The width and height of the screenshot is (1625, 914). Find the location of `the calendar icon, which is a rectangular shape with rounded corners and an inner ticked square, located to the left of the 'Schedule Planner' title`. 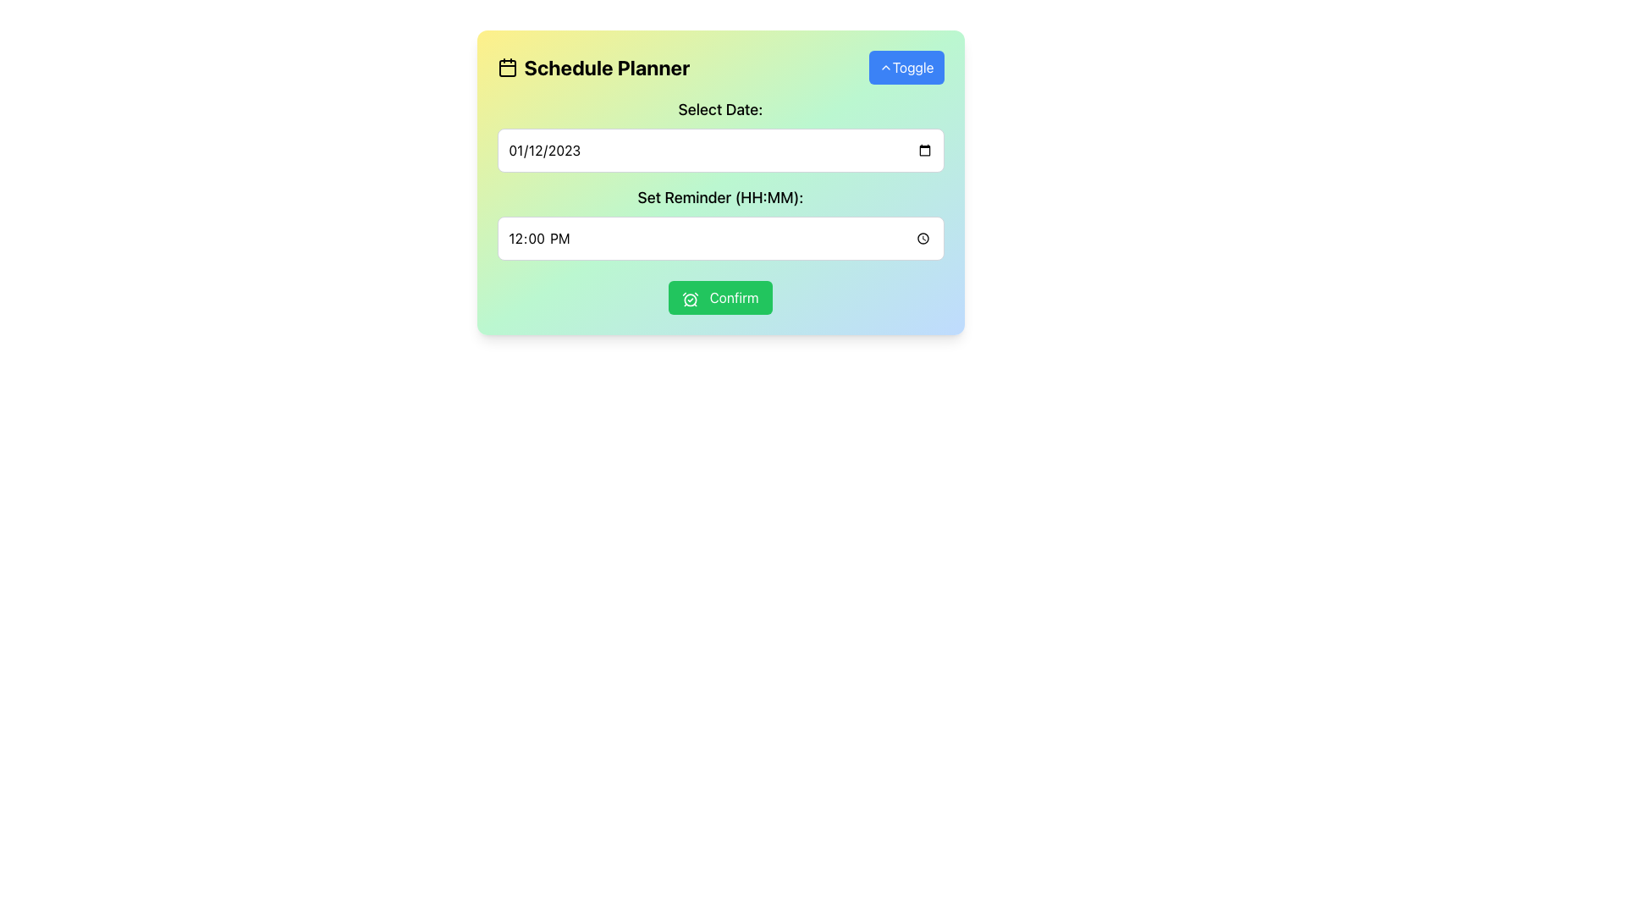

the calendar icon, which is a rectangular shape with rounded corners and an inner ticked square, located to the left of the 'Schedule Planner' title is located at coordinates (506, 68).